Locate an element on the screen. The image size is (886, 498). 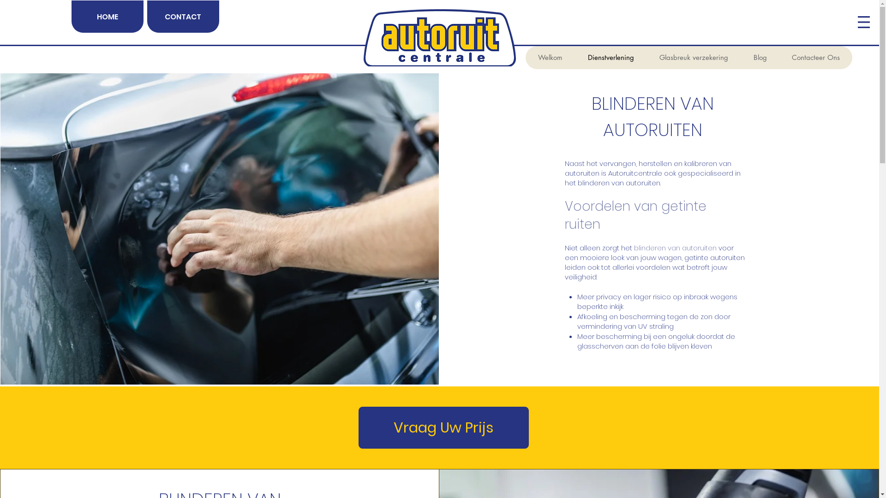
'Glasbreuk verzekering' is located at coordinates (693, 57).